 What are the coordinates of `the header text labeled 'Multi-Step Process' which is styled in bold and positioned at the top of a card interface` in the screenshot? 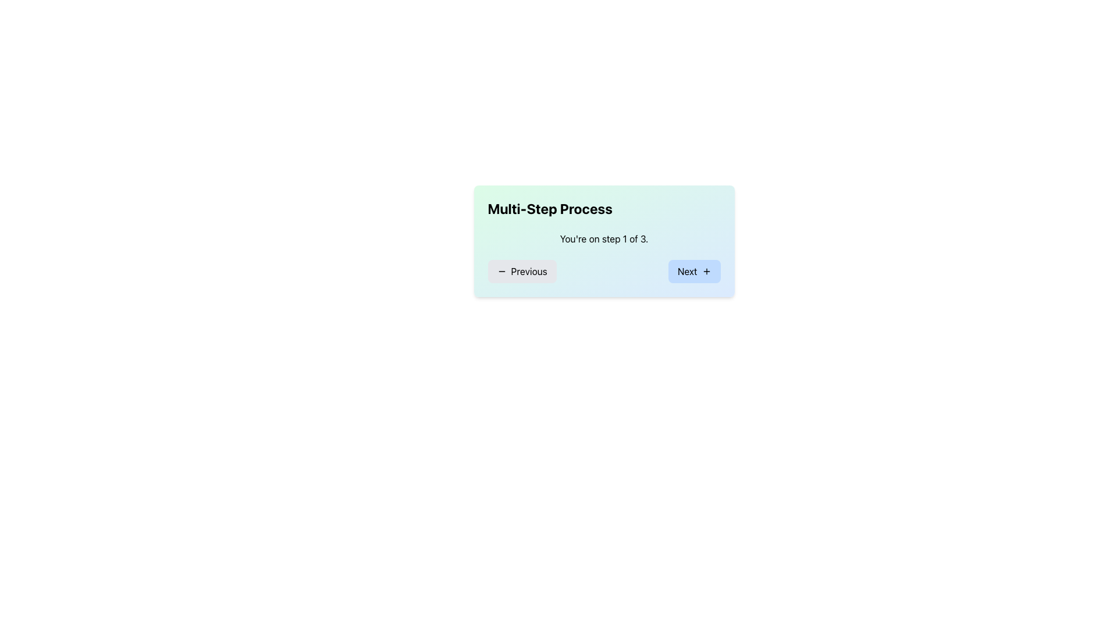 It's located at (604, 208).